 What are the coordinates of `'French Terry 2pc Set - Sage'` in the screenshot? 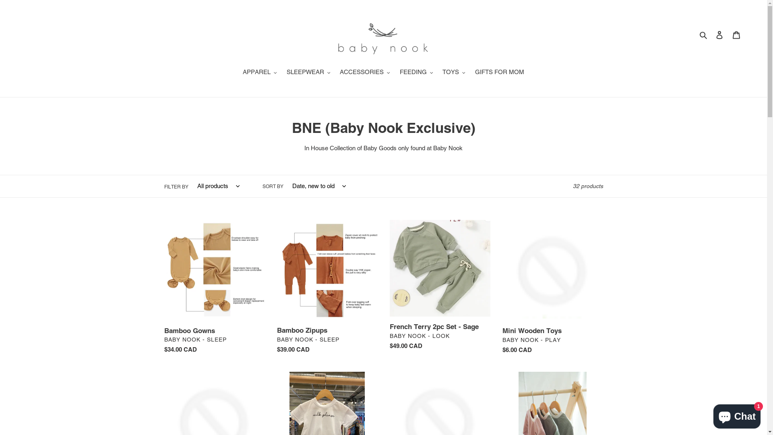 It's located at (440, 286).